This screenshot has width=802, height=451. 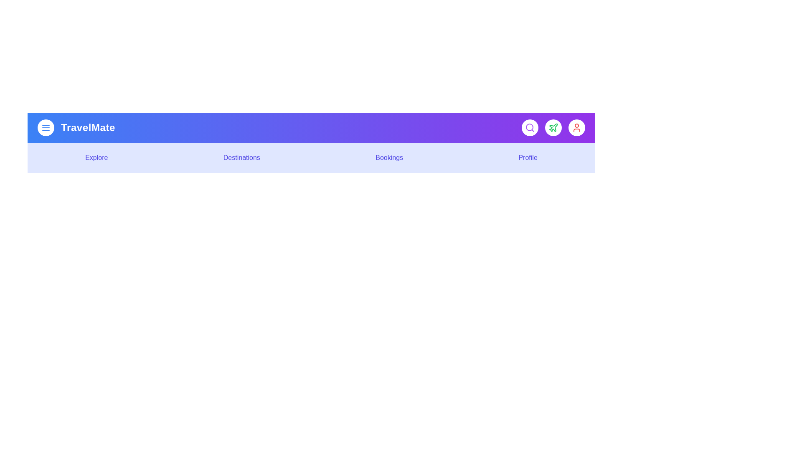 What do you see at coordinates (576, 127) in the screenshot?
I see `the user button to access the user profile` at bounding box center [576, 127].